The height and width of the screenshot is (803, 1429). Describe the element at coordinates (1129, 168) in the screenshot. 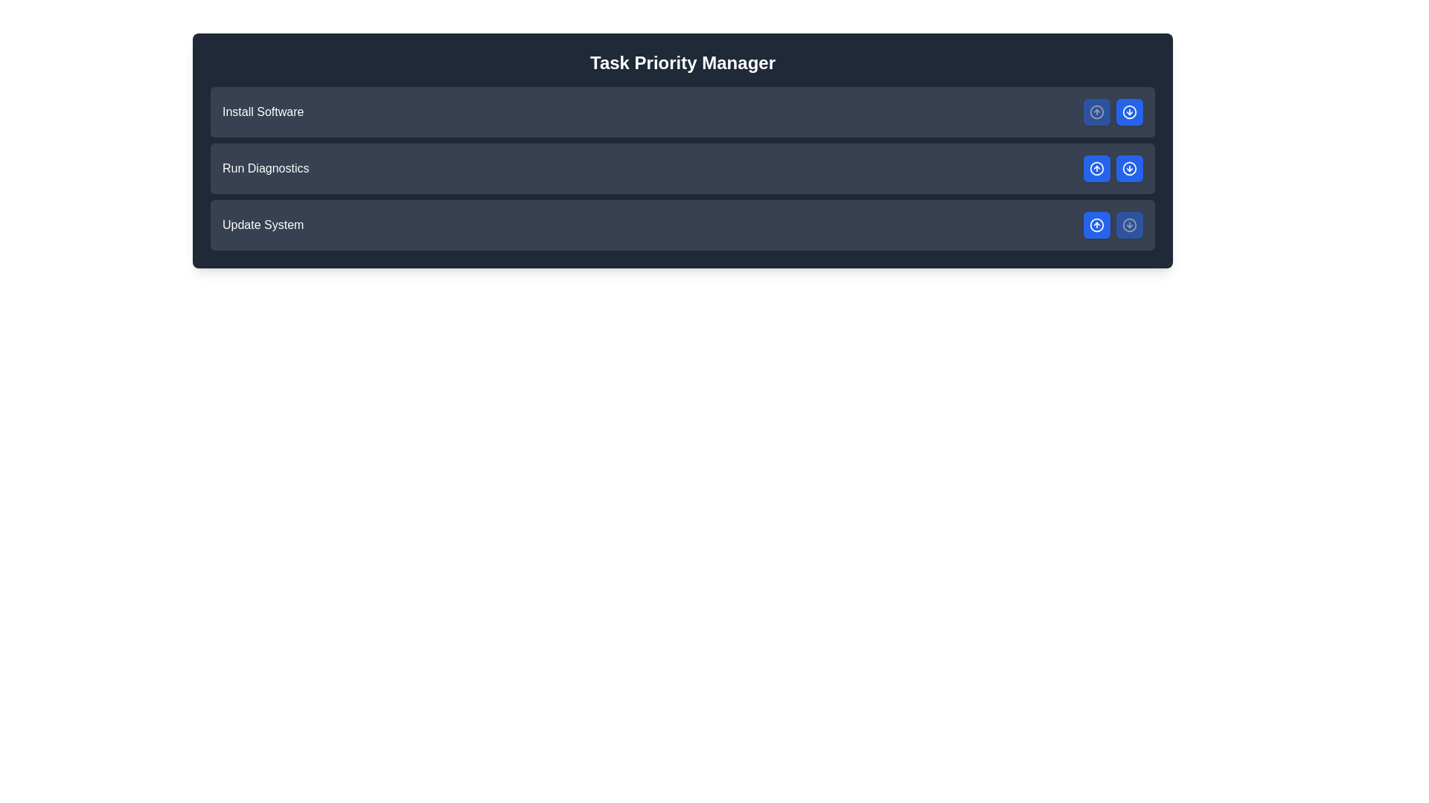

I see `the downward-pointing arrow icon inside the blue button on the rightmost side of the third row in the 'Task Priority Manager' interface to move the item downward` at that location.